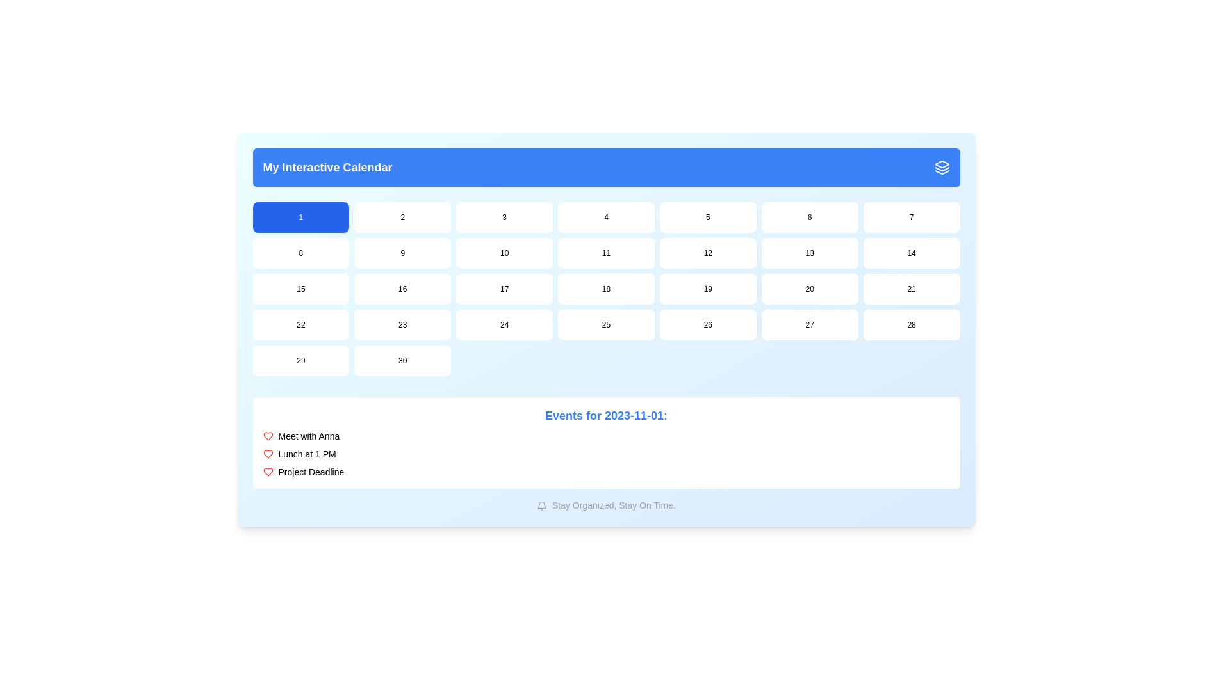 The height and width of the screenshot is (691, 1230). Describe the element at coordinates (707, 289) in the screenshot. I see `the rectangular button displaying the text '19'` at that location.